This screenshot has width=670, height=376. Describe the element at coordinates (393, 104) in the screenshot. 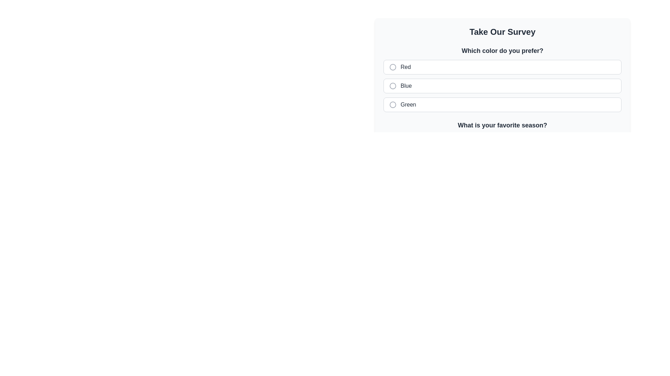

I see `the circular graphic of the radio button indicator for the 'Green' option within the survey section for accessibility navigation` at that location.